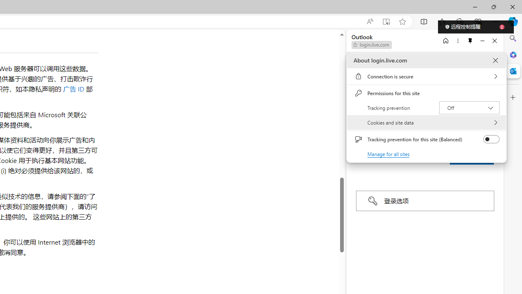 The image size is (522, 294). Describe the element at coordinates (469, 107) in the screenshot. I see `'Tracking prevention Off'` at that location.